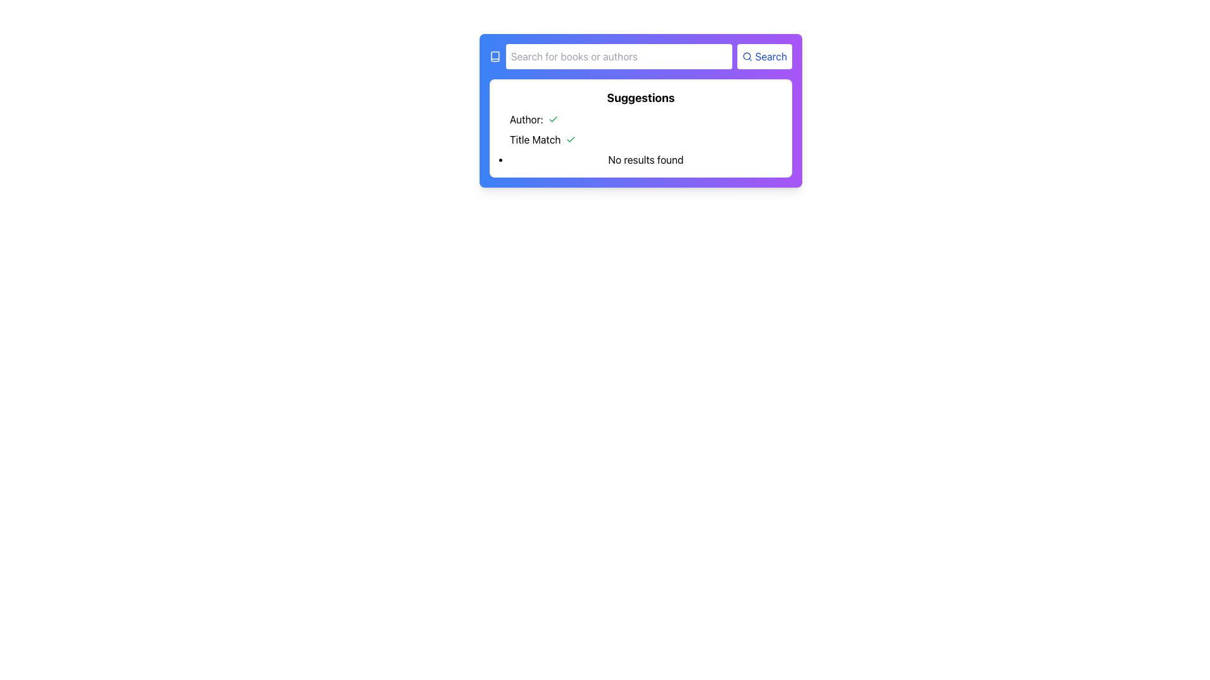  Describe the element at coordinates (494, 55) in the screenshot. I see `the book icon located at the leftmost side of the header, adjacent to the search bar and search button` at that location.